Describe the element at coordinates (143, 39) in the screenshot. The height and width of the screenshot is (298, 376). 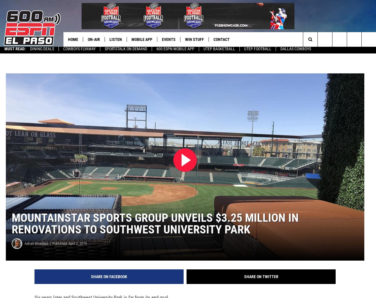
I see `'Mobile App'` at that location.